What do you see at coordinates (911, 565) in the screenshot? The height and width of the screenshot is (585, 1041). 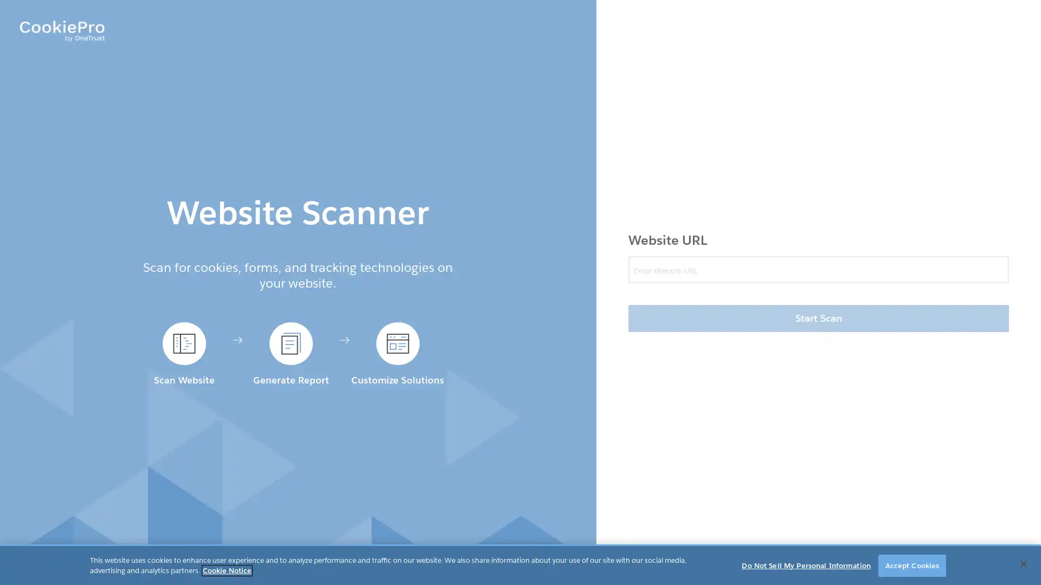 I see `Accept Cookies` at bounding box center [911, 565].